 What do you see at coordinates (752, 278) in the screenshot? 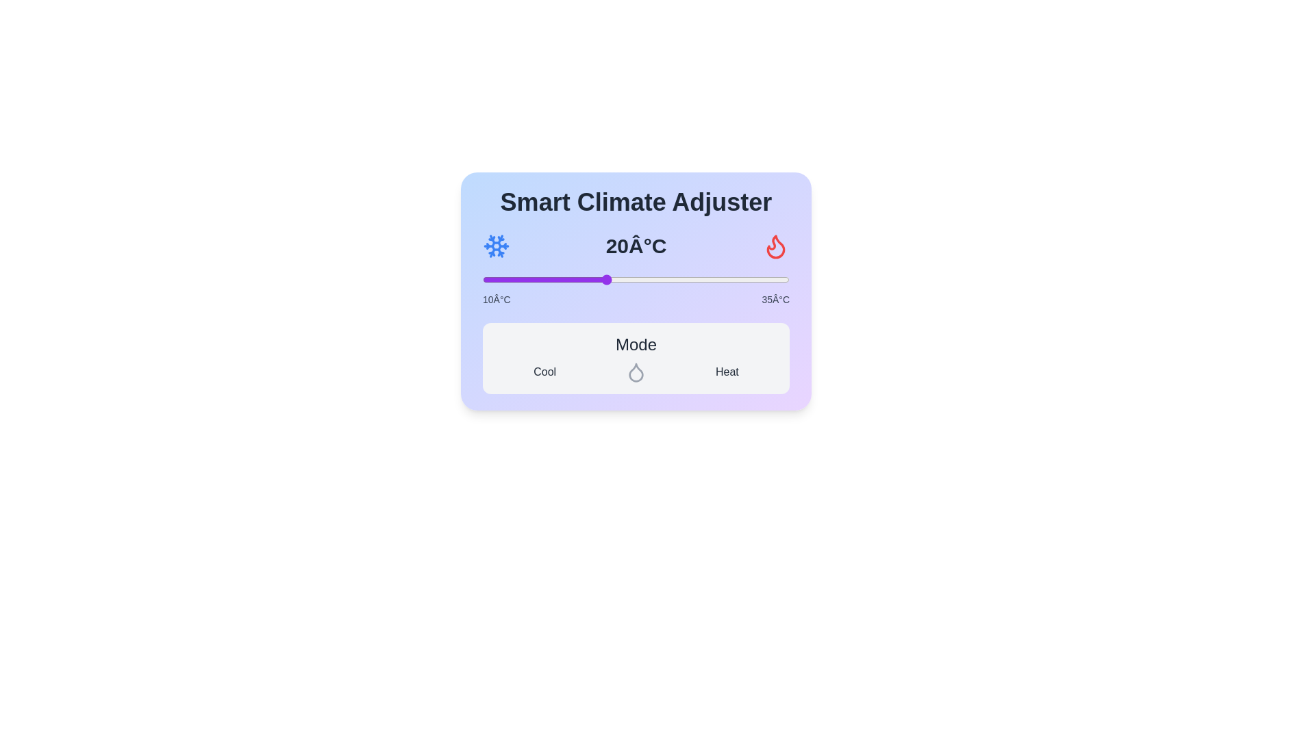
I see `the temperature slider to 32°C` at bounding box center [752, 278].